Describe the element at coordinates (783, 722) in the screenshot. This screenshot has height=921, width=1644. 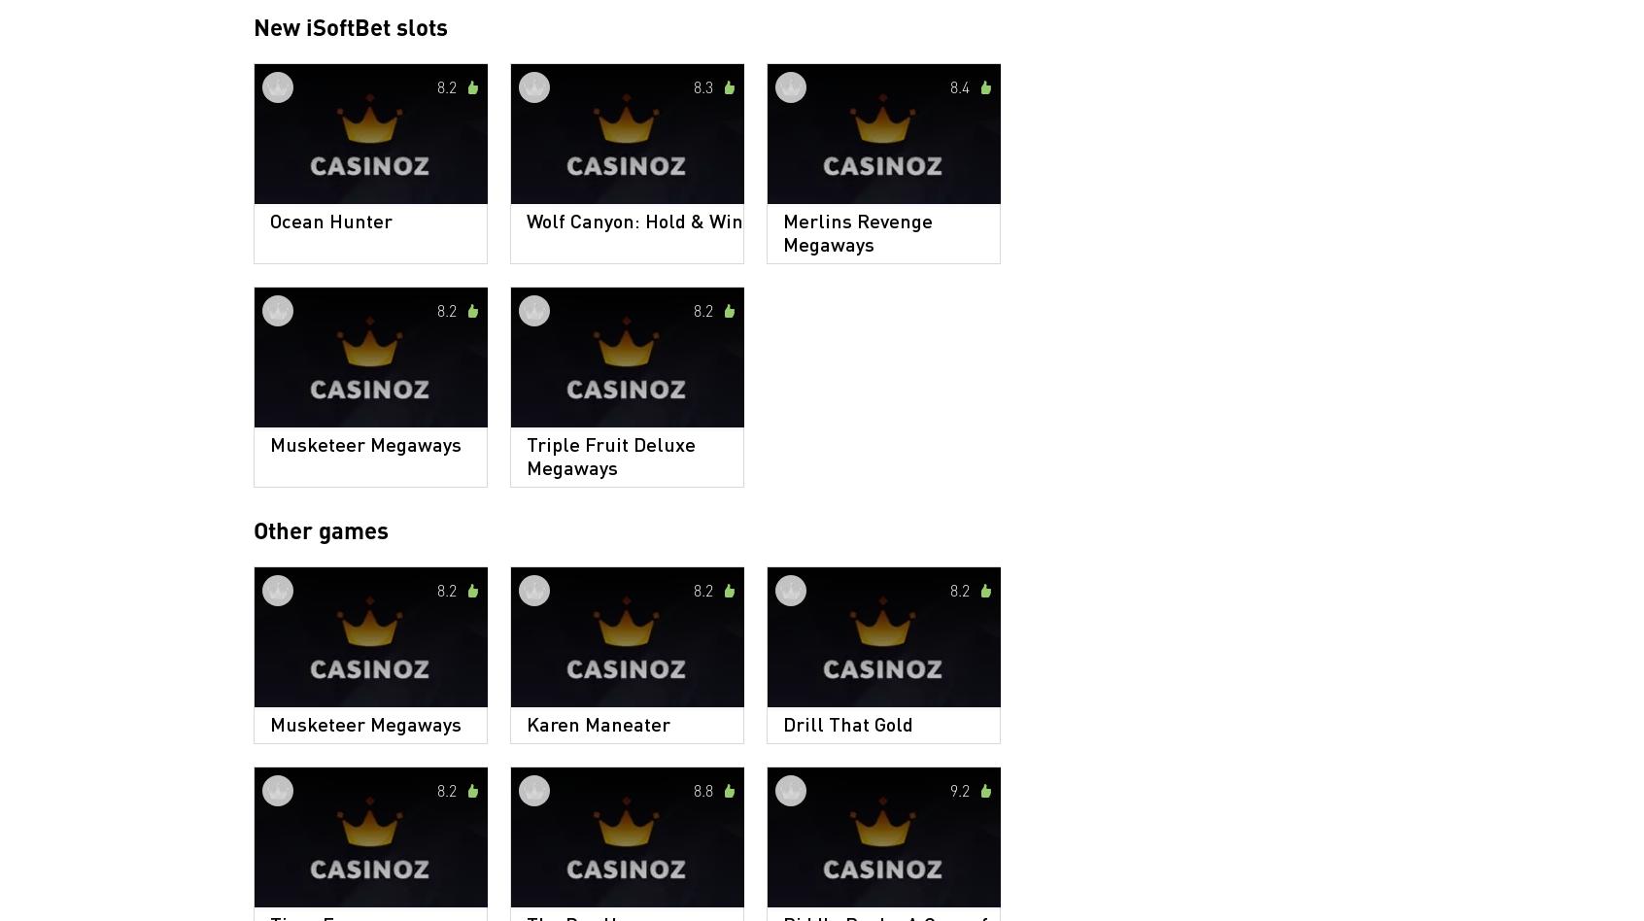
I see `'Drill That Gold'` at that location.